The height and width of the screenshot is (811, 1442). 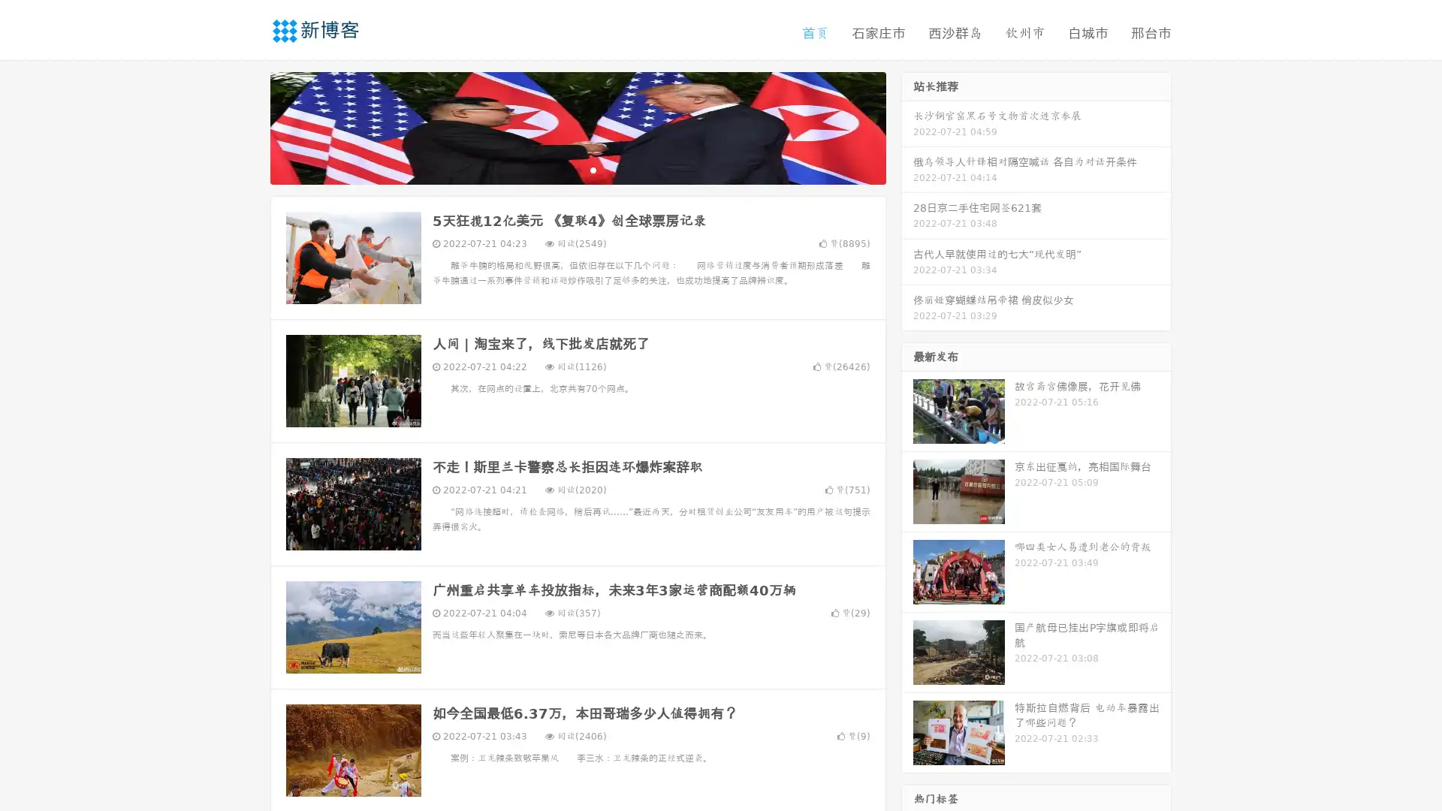 What do you see at coordinates (577, 169) in the screenshot?
I see `Go to slide 2` at bounding box center [577, 169].